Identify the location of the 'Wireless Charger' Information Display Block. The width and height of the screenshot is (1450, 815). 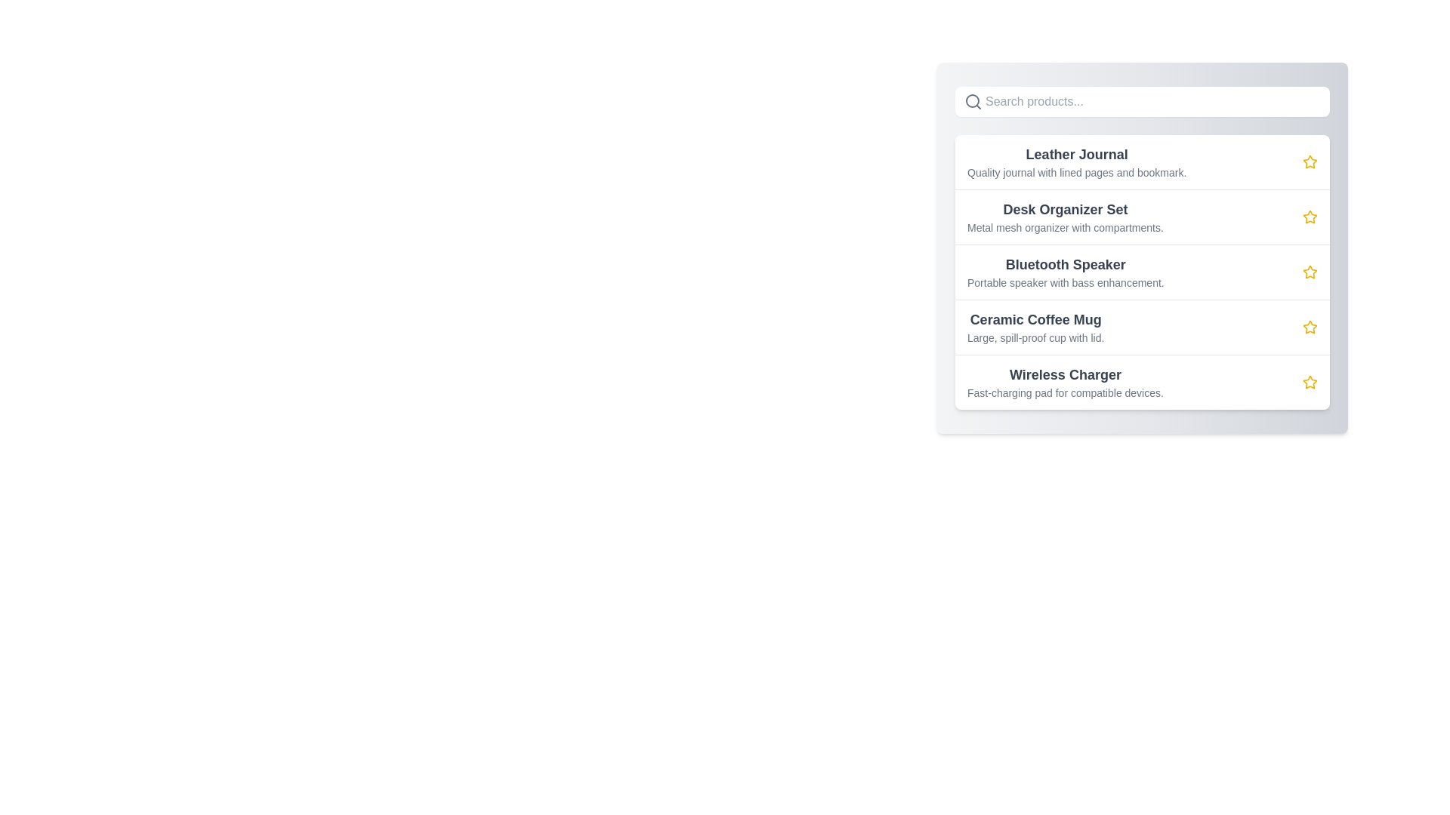
(1064, 381).